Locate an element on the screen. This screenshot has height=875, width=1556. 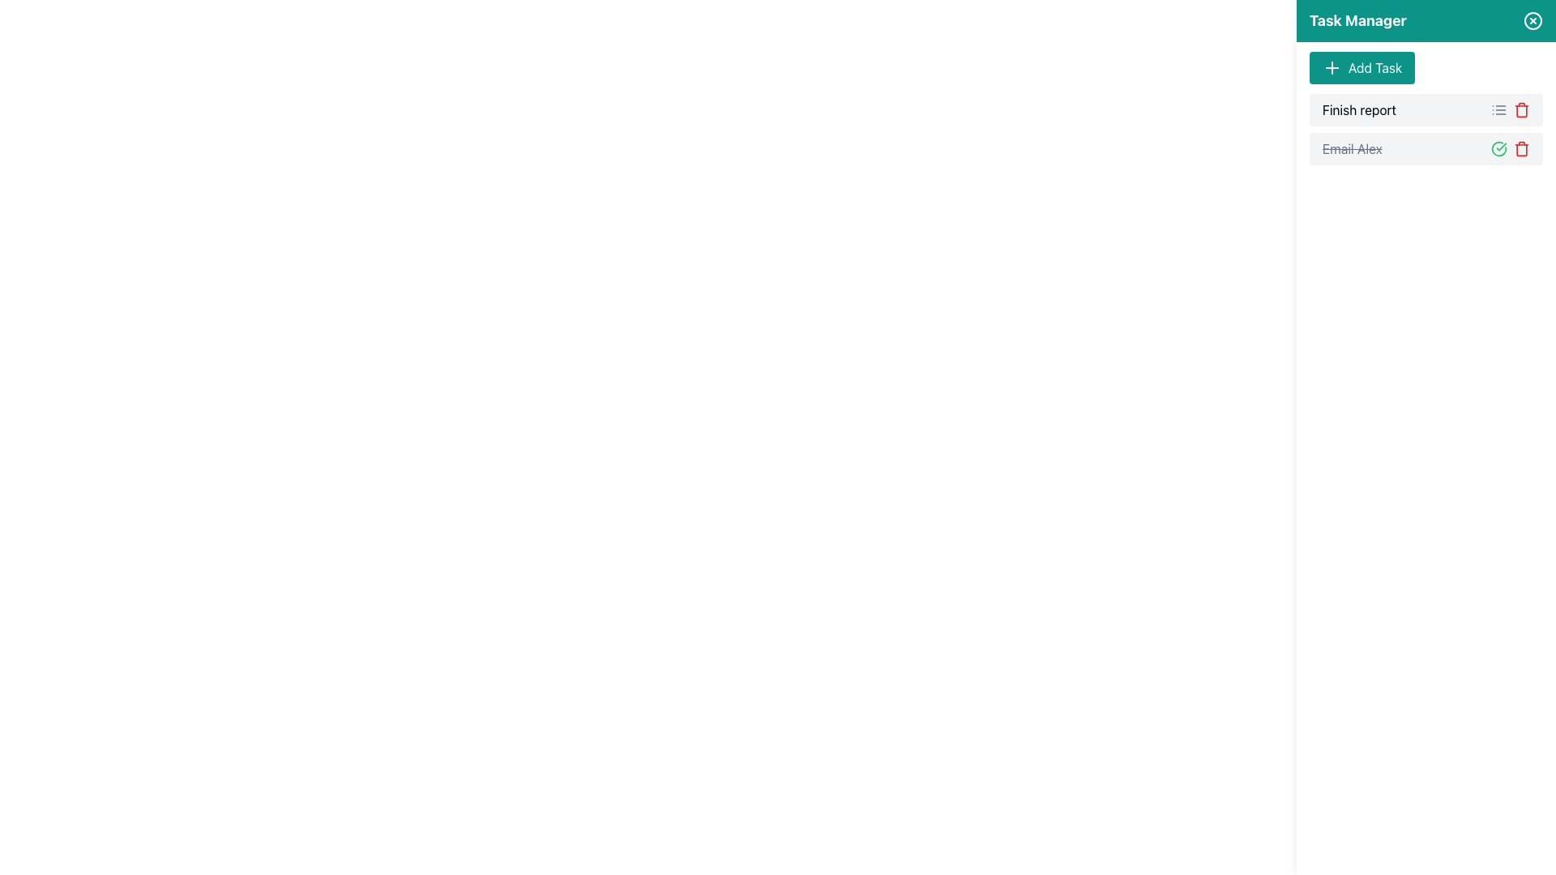
the close button located on the far right side of the header bar is located at coordinates (1532, 21).